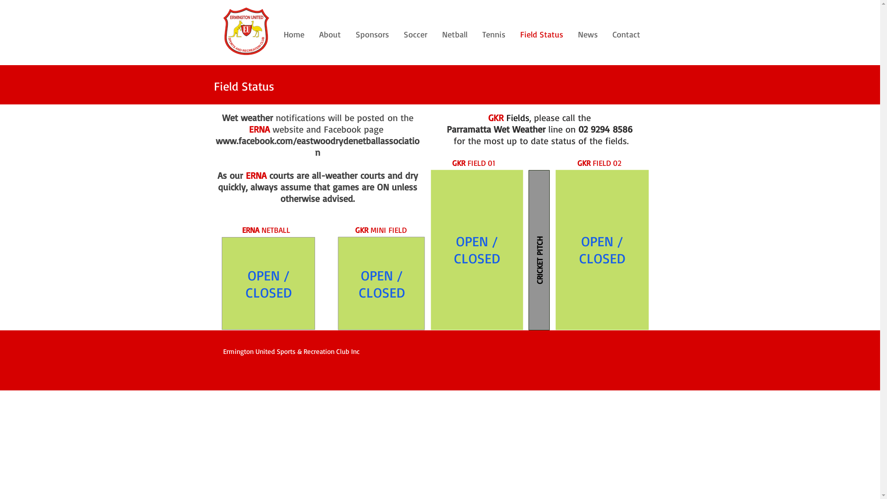 The image size is (887, 499). I want to click on 'Sponsors', so click(372, 34).